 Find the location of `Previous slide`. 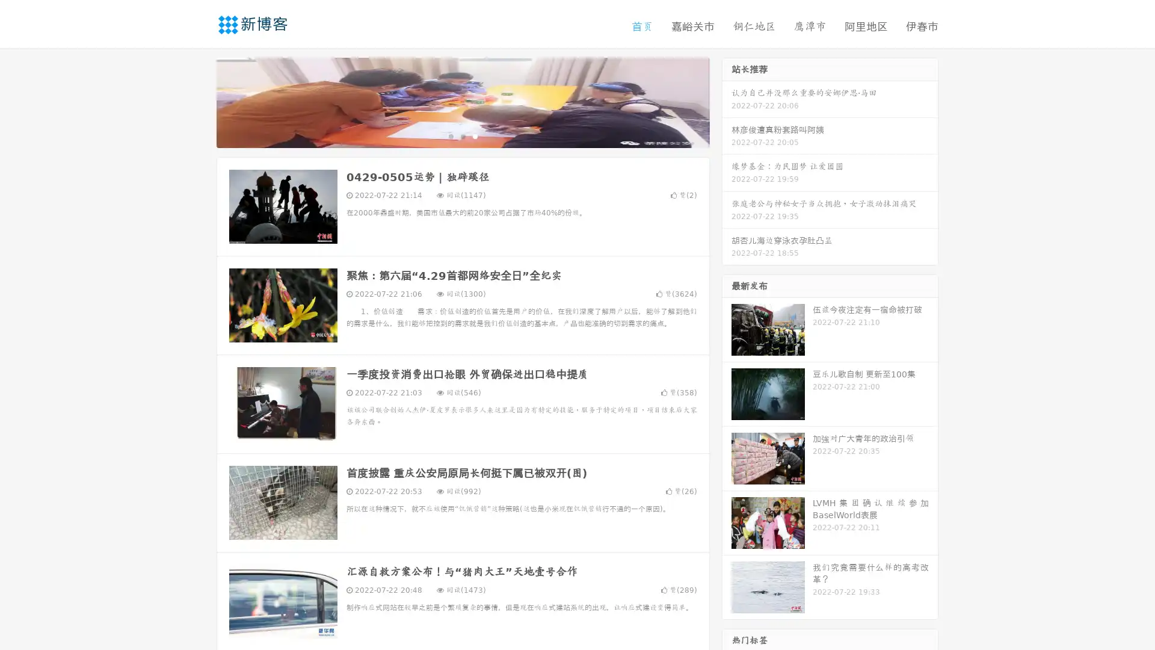

Previous slide is located at coordinates (199, 101).